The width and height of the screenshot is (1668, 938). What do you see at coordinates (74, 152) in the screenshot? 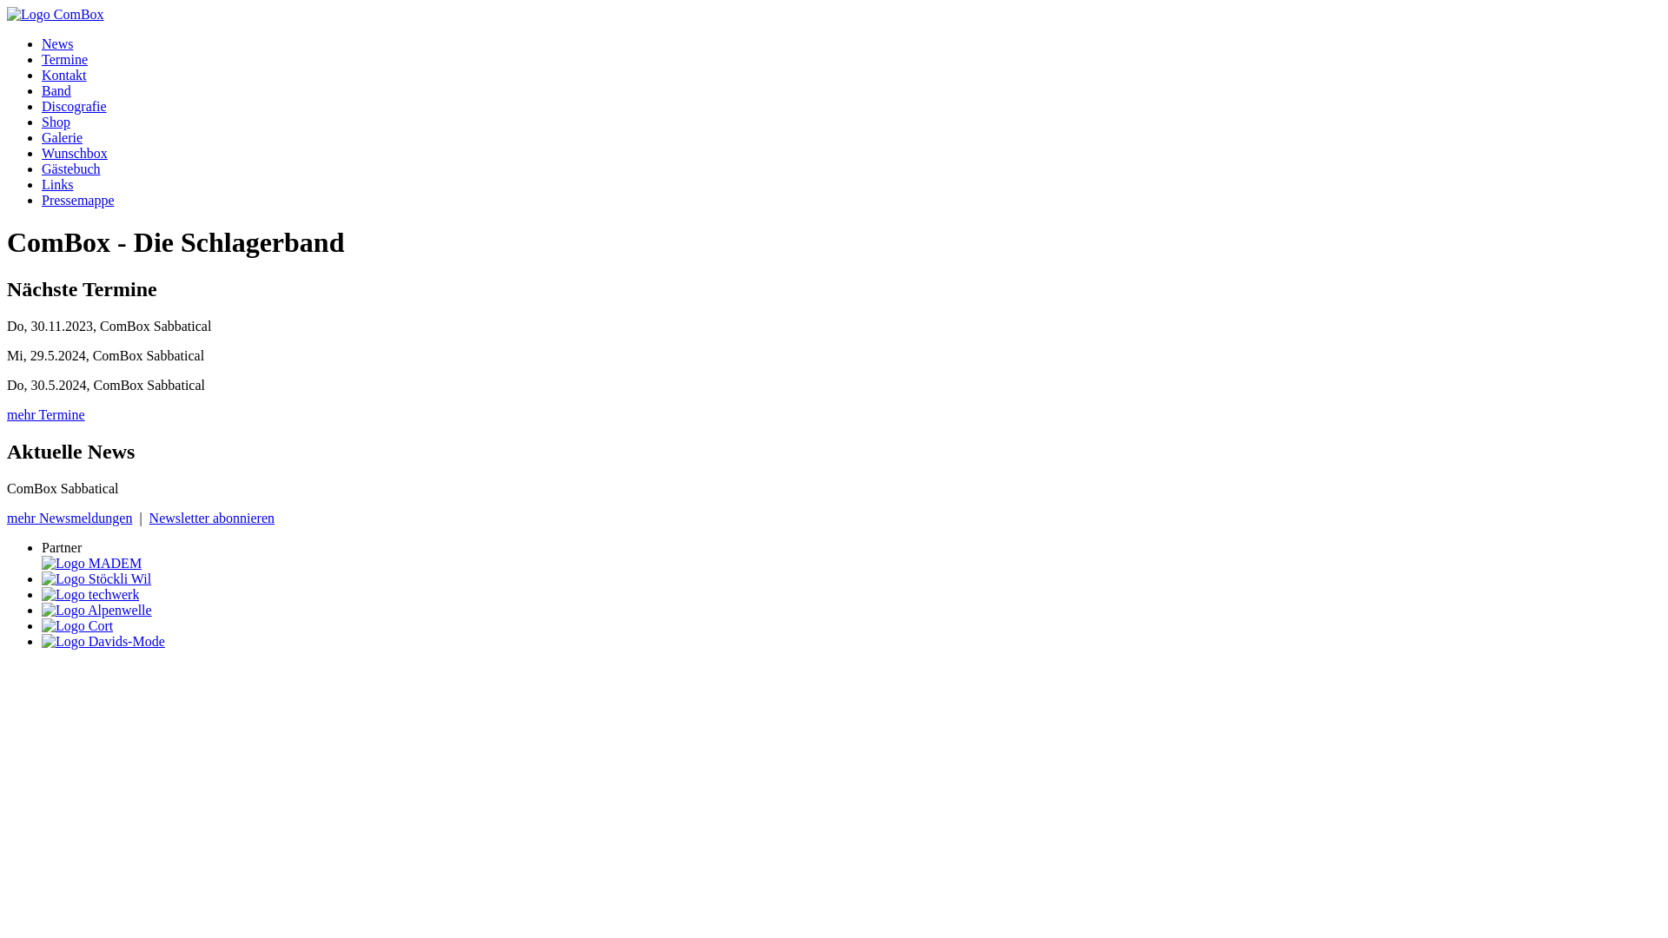
I see `'Wunschbox'` at bounding box center [74, 152].